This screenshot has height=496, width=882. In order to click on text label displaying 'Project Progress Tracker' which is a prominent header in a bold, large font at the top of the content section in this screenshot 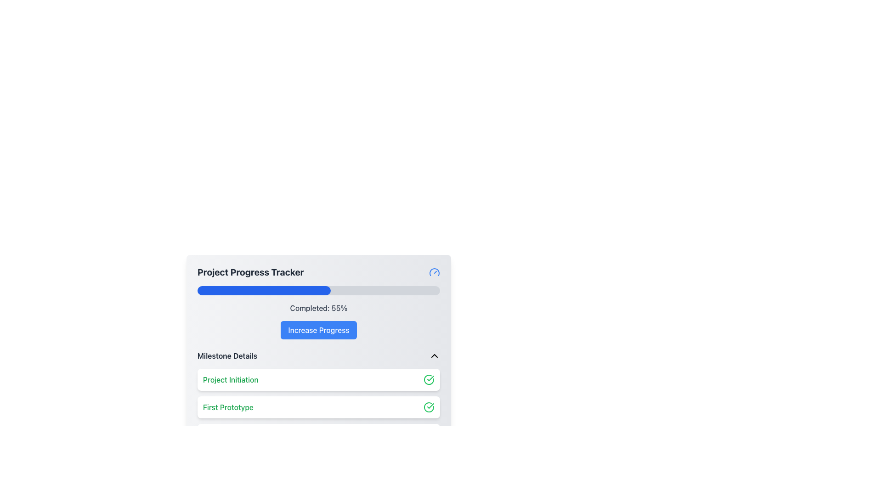, I will do `click(250, 272)`.